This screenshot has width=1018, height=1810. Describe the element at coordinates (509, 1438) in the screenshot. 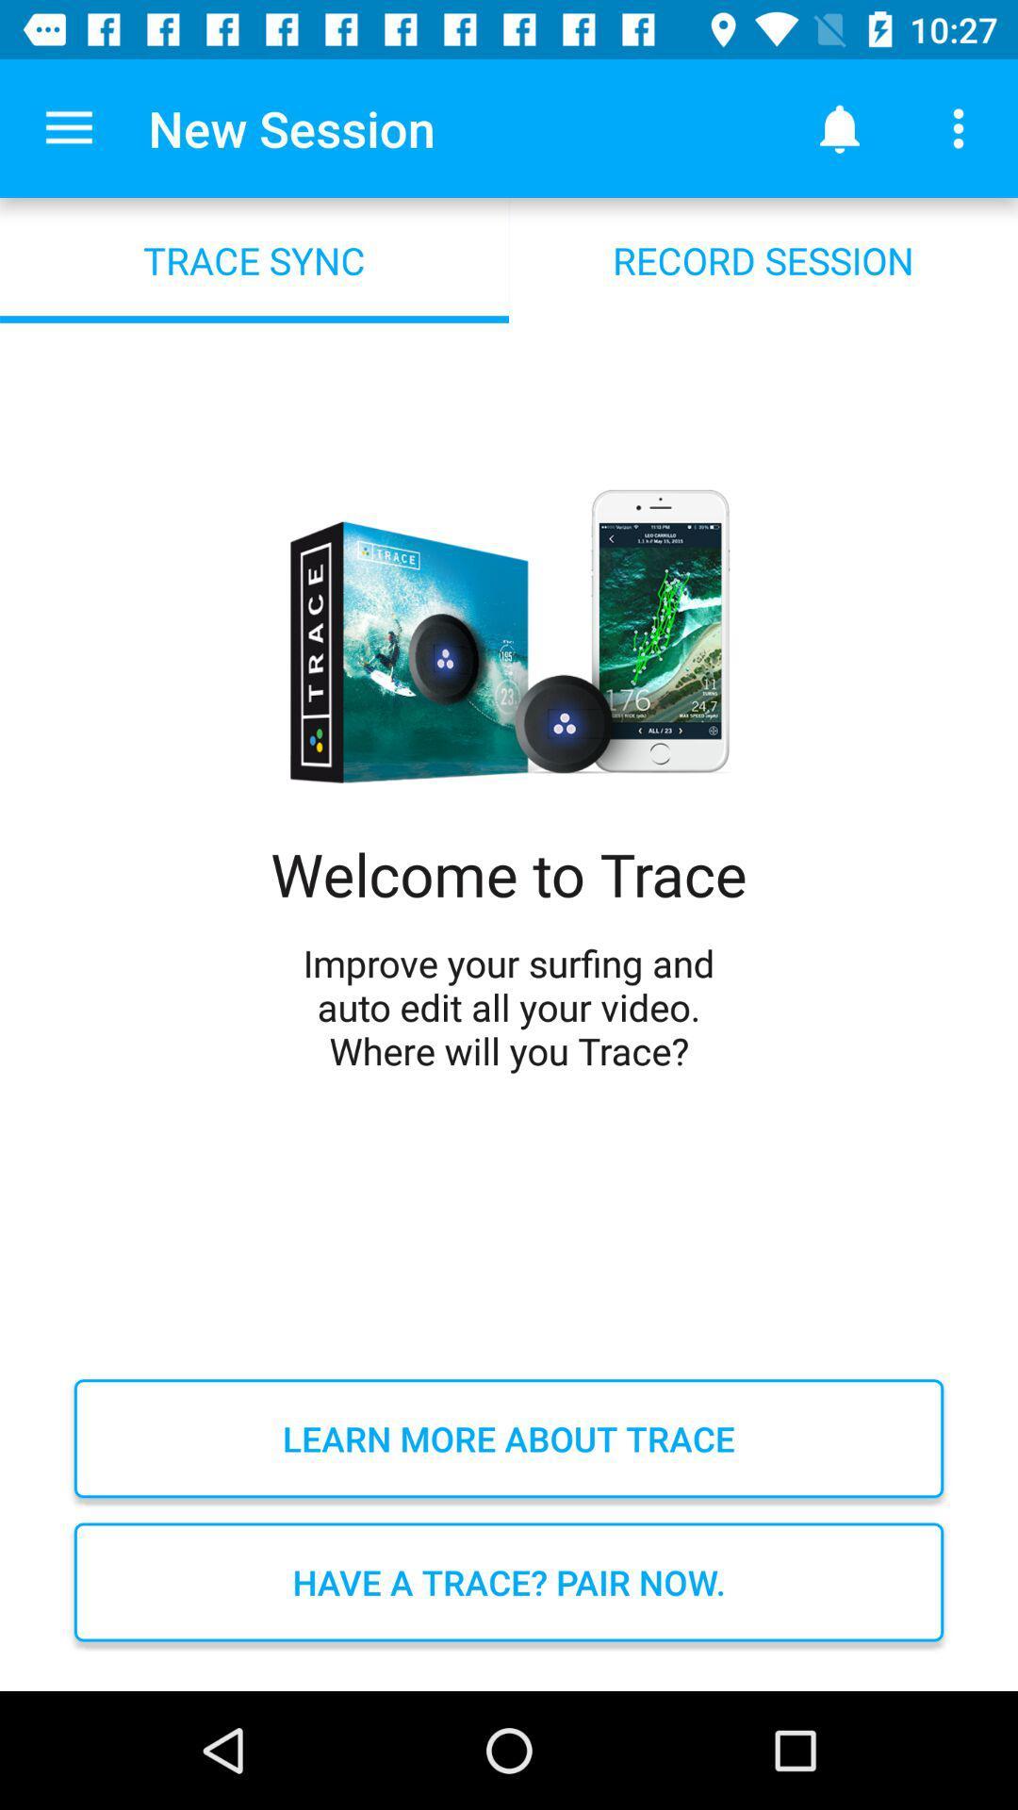

I see `the learn more about icon` at that location.